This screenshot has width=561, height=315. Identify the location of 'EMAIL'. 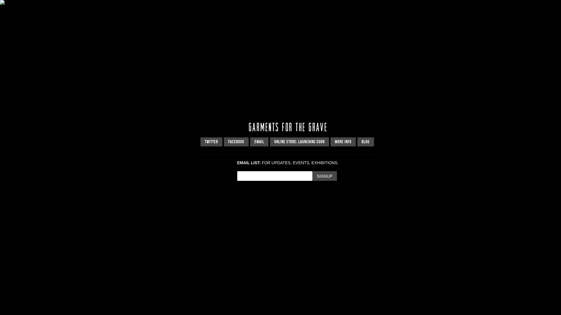
(259, 142).